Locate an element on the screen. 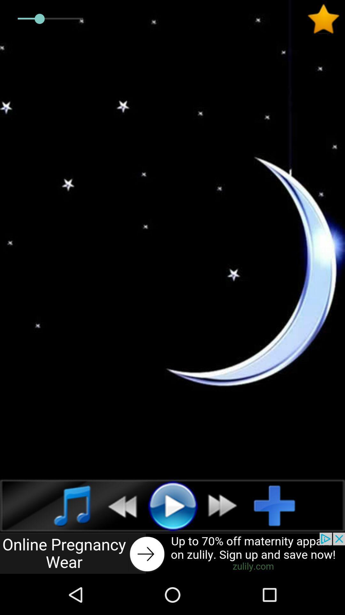 Image resolution: width=345 pixels, height=615 pixels. previous track is located at coordinates (119, 505).